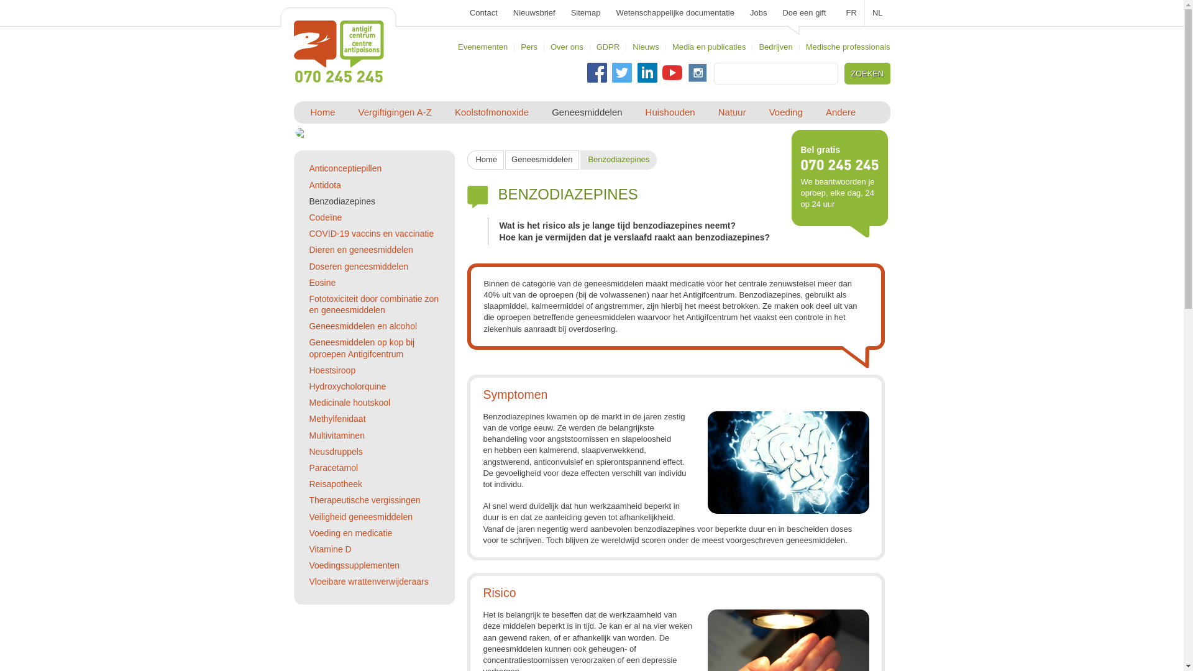  I want to click on 'Twitter', so click(611, 72).